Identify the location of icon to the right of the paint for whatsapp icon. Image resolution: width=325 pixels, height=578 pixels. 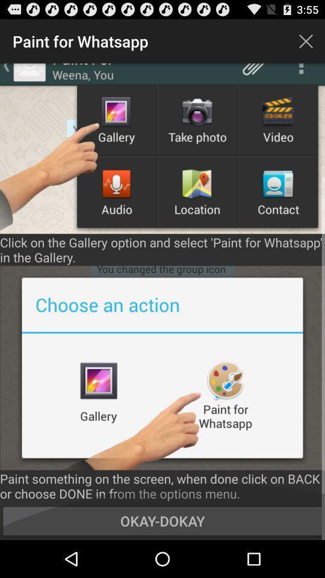
(306, 41).